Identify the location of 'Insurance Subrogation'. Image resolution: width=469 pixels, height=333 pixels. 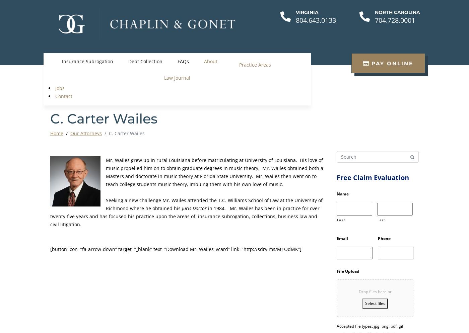
(61, 61).